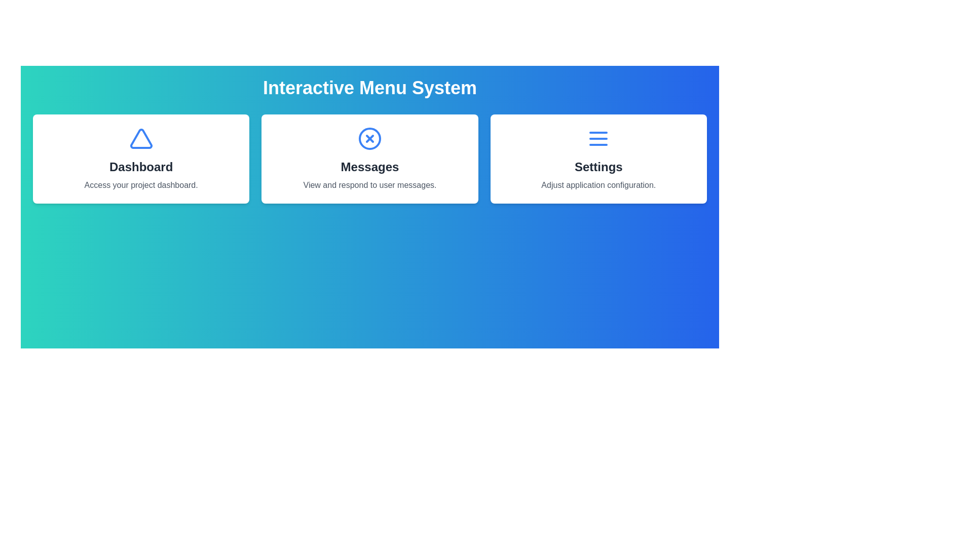  What do you see at coordinates (140, 138) in the screenshot?
I see `the Dashboard icon located in the leftmost card of three horizontally aligned cards, positioned above the text labels and centered in the card's top section` at bounding box center [140, 138].